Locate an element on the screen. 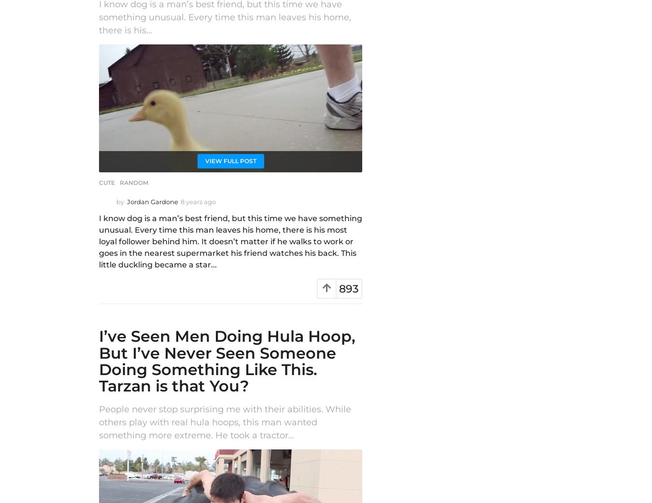  'by' is located at coordinates (119, 201).